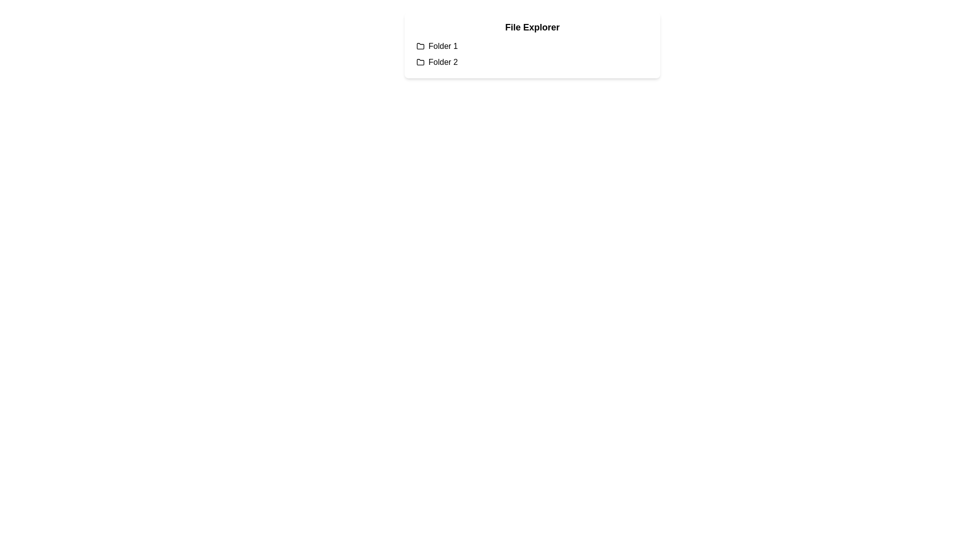  Describe the element at coordinates (443, 46) in the screenshot. I see `the text label representing the folder named 'Folder 1' in the file explorer` at that location.